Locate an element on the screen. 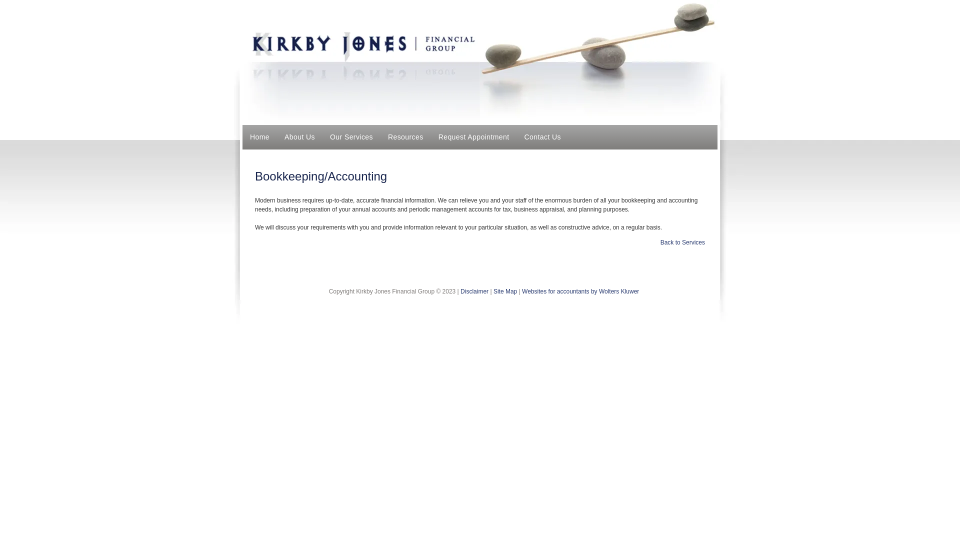 This screenshot has height=540, width=960. 'Resources' is located at coordinates (405, 137).